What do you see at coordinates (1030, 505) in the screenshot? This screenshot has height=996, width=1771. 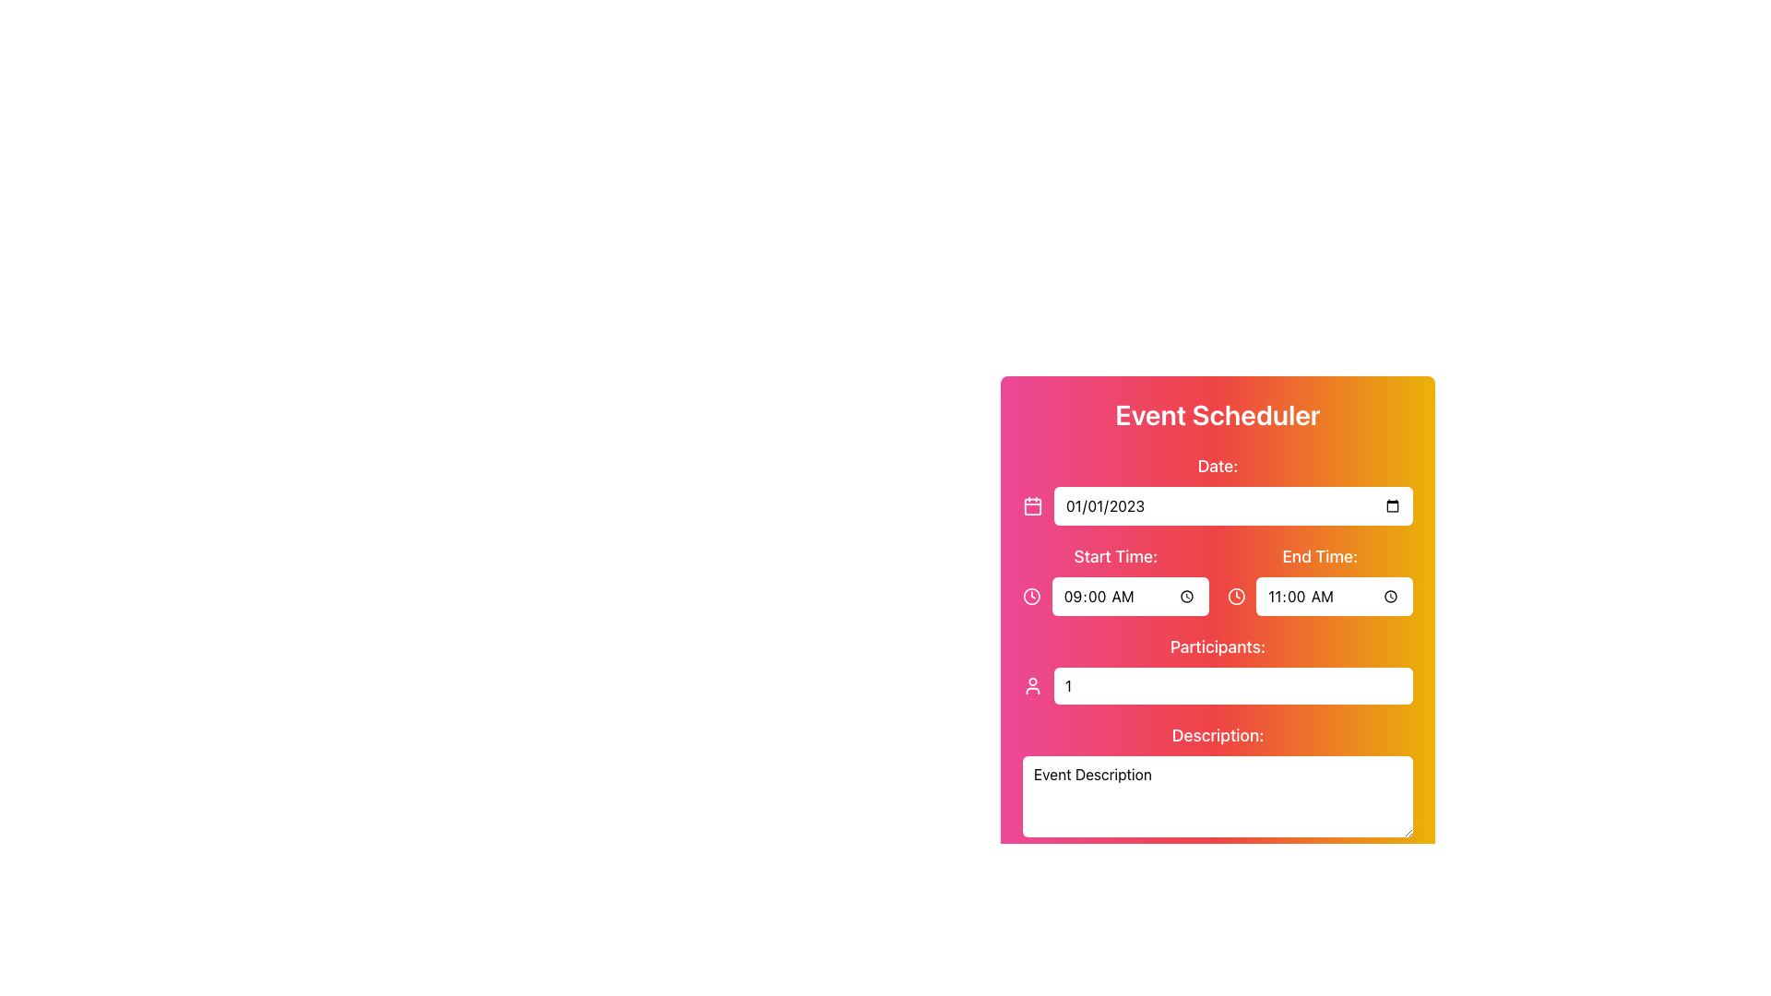 I see `the calendar icon located to the left of the 'Date:' label in the 'Event Scheduler' section` at bounding box center [1030, 505].